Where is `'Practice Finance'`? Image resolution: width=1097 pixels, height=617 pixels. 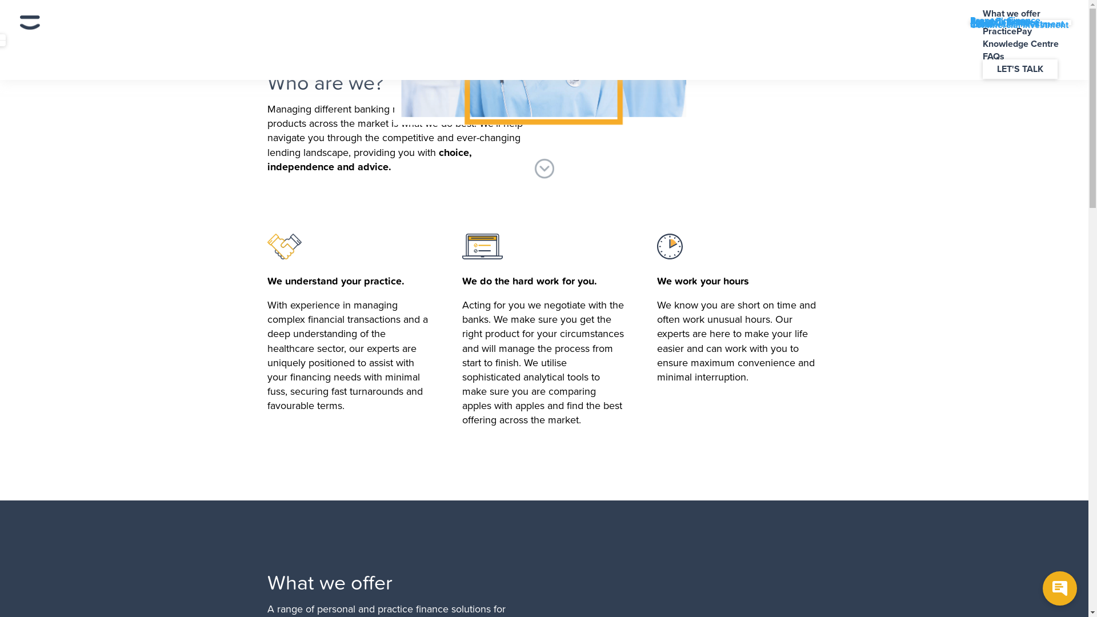
'Practice Finance' is located at coordinates (1003, 22).